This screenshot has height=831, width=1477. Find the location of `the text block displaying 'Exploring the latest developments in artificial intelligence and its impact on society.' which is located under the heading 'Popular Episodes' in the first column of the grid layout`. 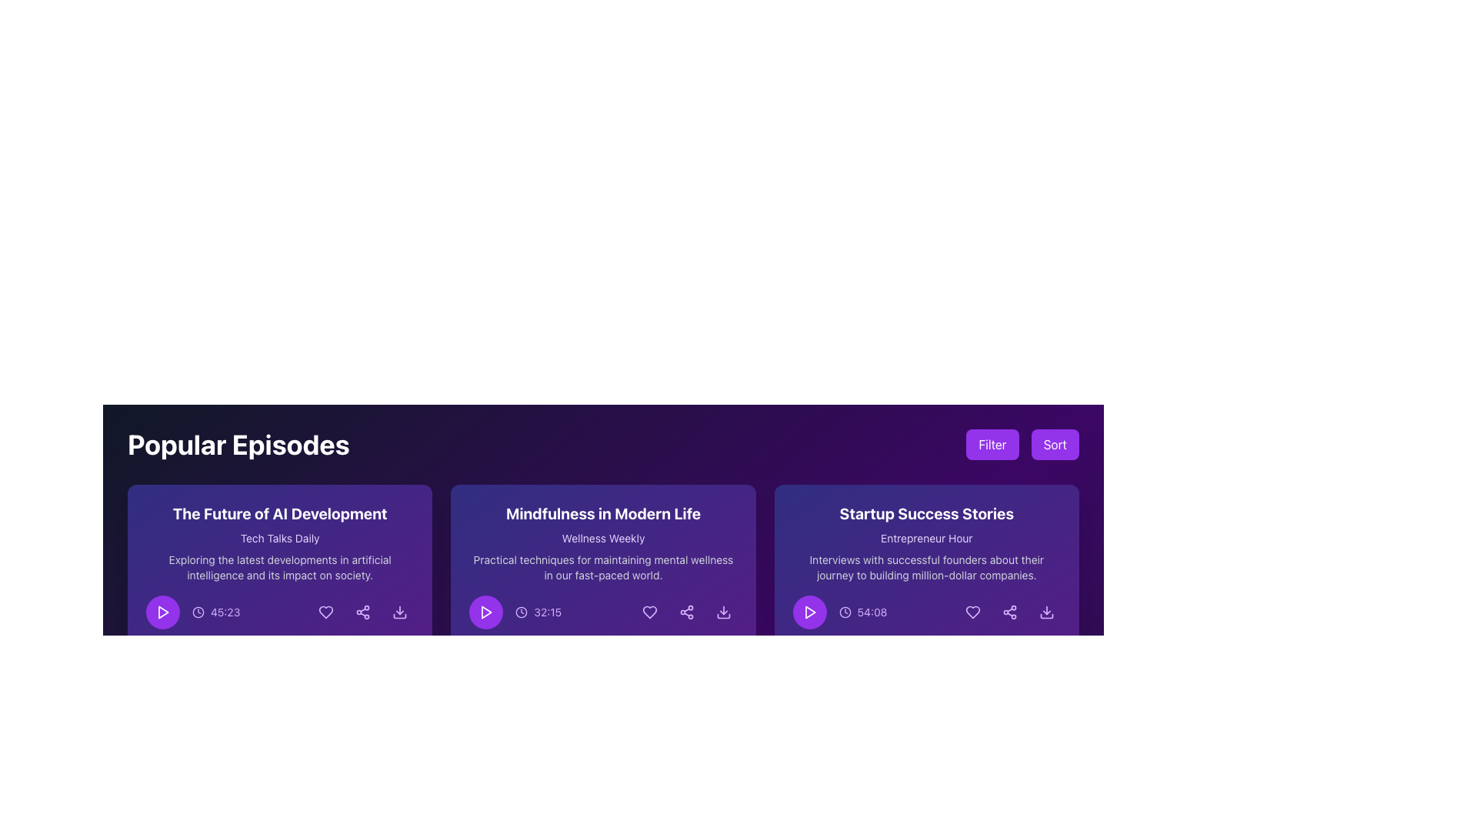

the text block displaying 'Exploring the latest developments in artificial intelligence and its impact on society.' which is located under the heading 'Popular Episodes' in the first column of the grid layout is located at coordinates (280, 567).